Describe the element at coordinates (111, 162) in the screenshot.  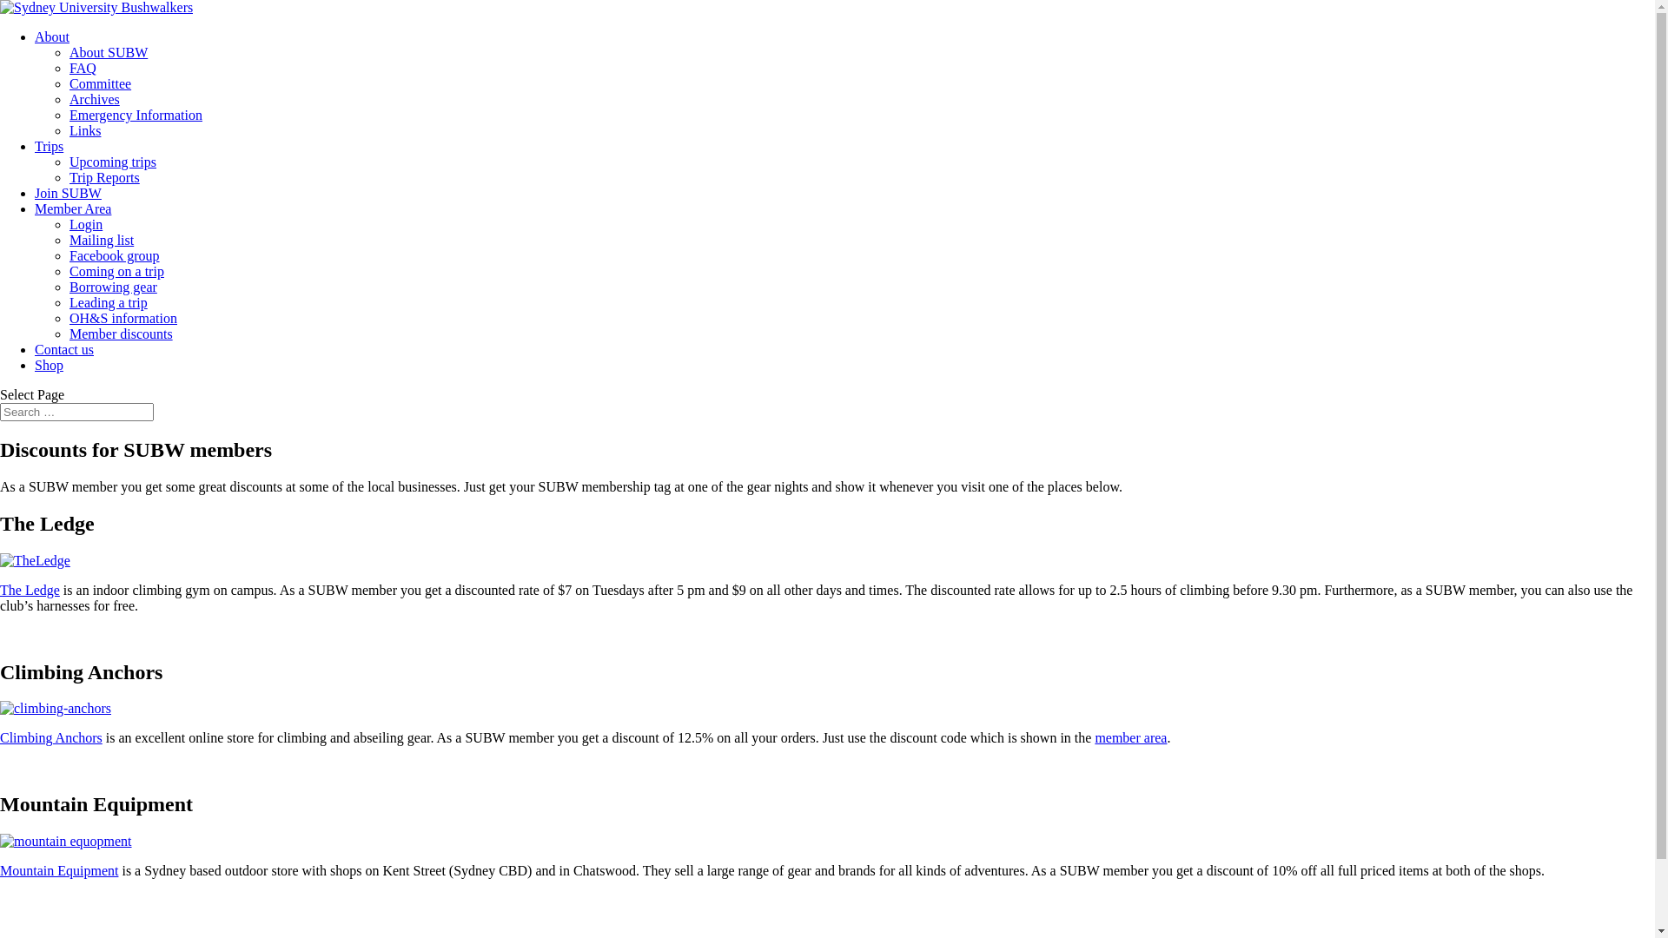
I see `'Upcoming trips'` at that location.